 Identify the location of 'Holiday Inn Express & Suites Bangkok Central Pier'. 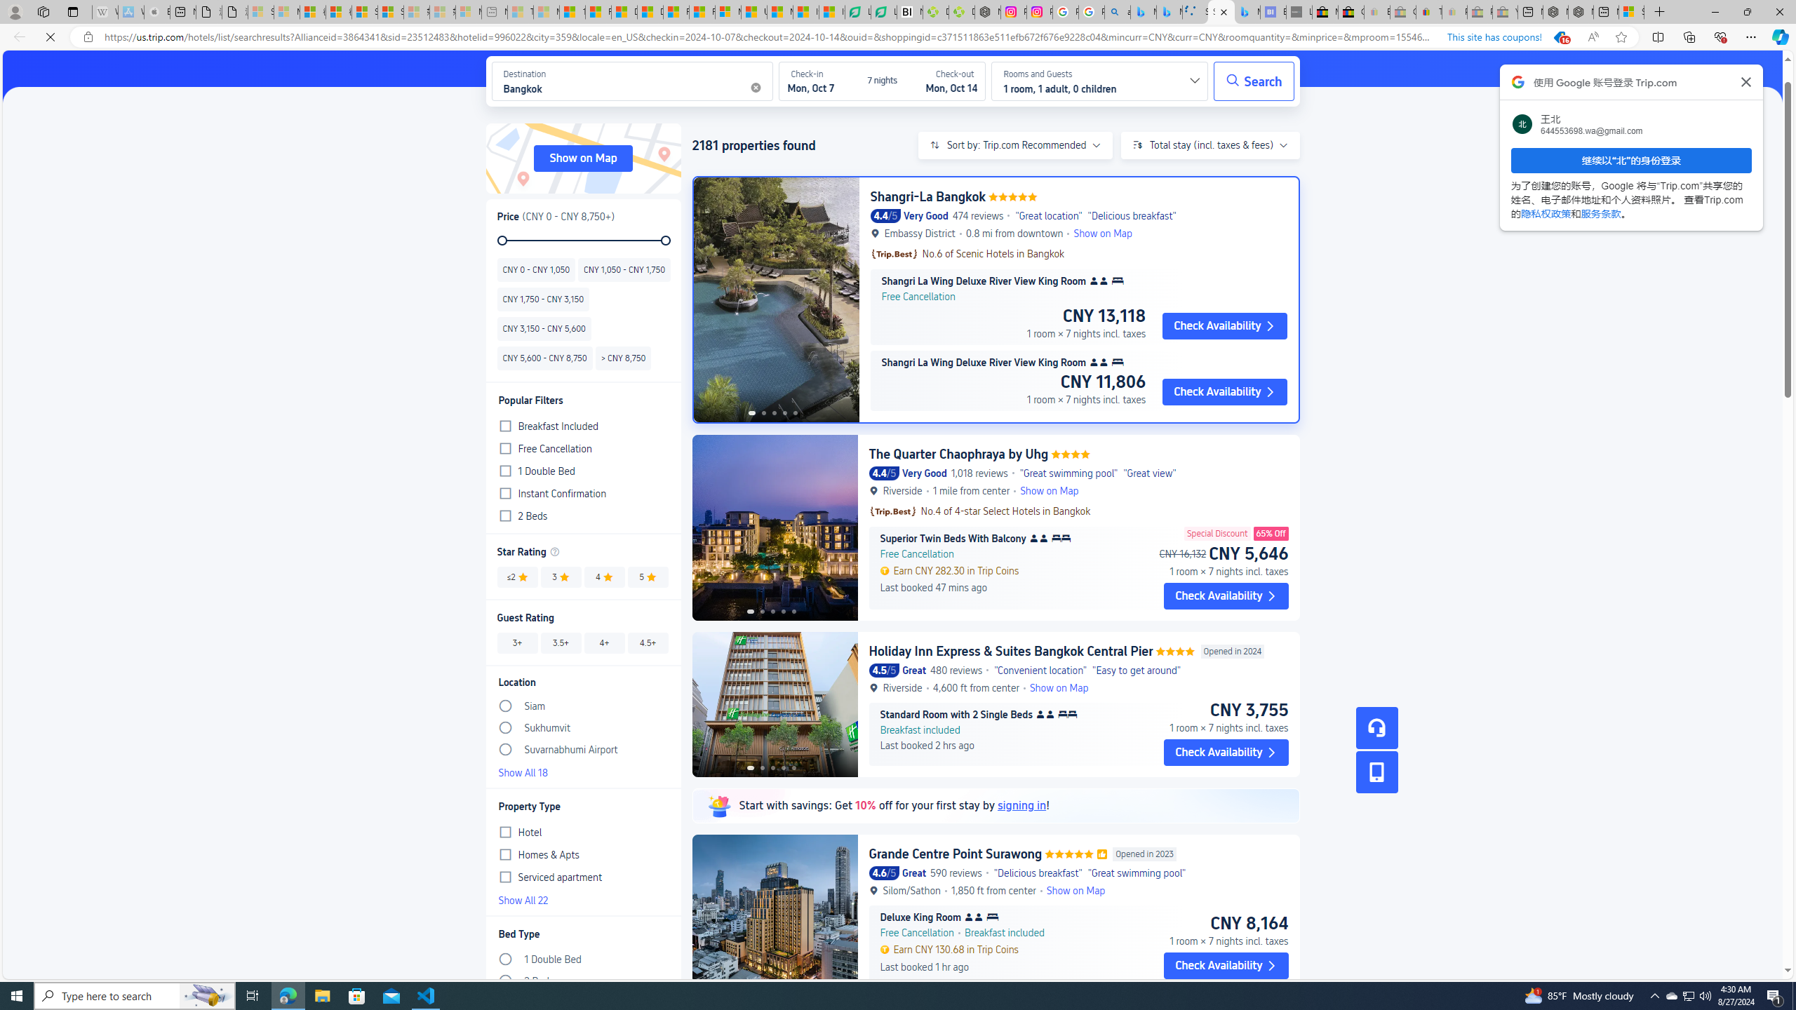
(1010, 650).